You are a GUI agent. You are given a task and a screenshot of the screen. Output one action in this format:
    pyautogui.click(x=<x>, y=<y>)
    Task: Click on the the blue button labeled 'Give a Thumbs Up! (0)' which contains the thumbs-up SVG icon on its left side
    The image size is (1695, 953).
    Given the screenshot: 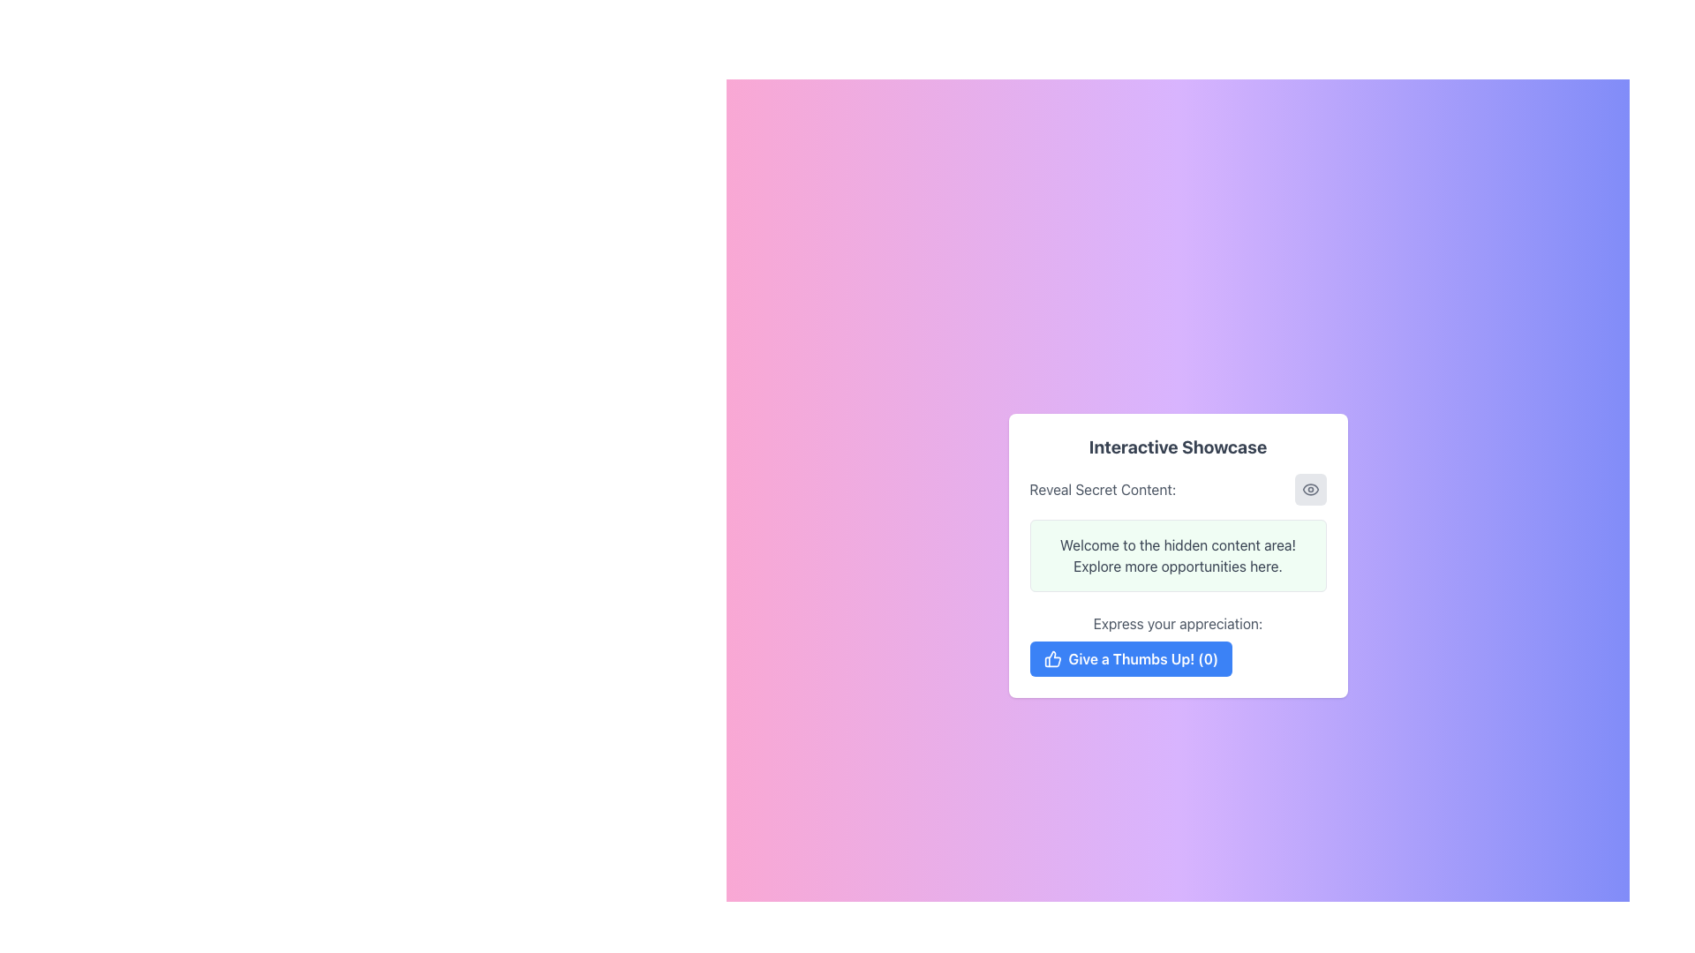 What is the action you would take?
    pyautogui.click(x=1052, y=659)
    